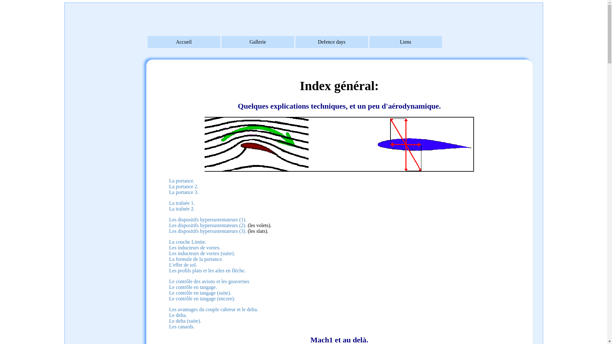 This screenshot has height=344, width=612. I want to click on 'Liens', so click(405, 42).